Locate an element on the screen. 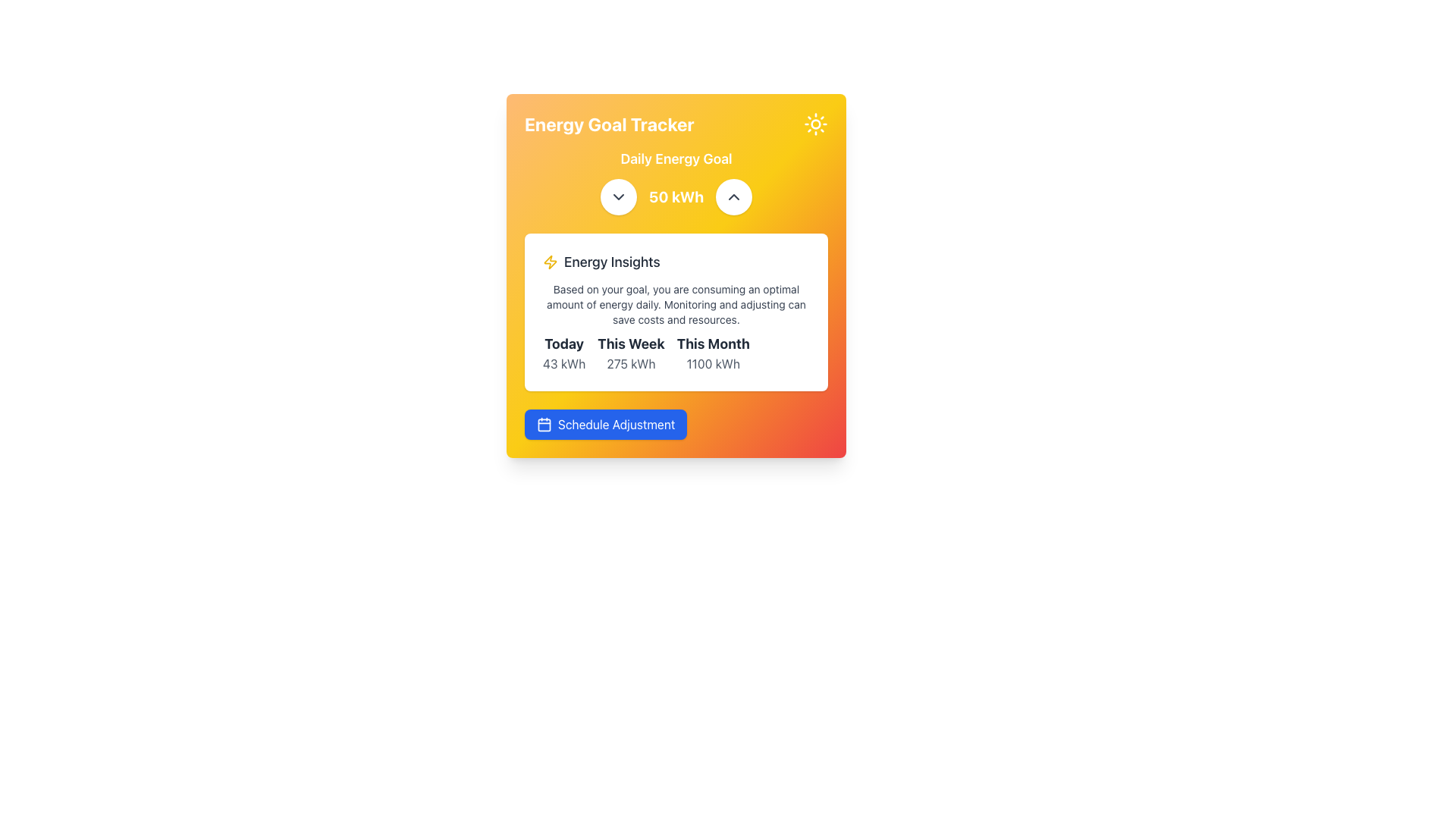 The width and height of the screenshot is (1456, 819). the 'Daily Energy Goal' text heading, which is prominently displayed in white font on a yellow background, centrally aligned above the energy display is located at coordinates (676, 158).